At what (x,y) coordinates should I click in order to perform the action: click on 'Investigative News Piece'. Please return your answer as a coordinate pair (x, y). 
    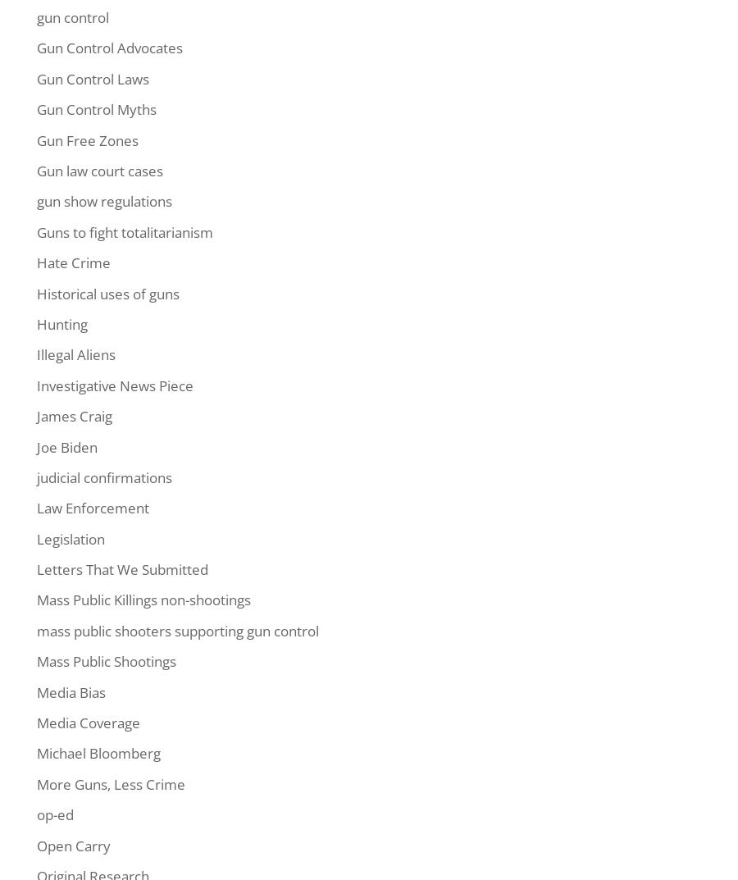
    Looking at the image, I should click on (115, 385).